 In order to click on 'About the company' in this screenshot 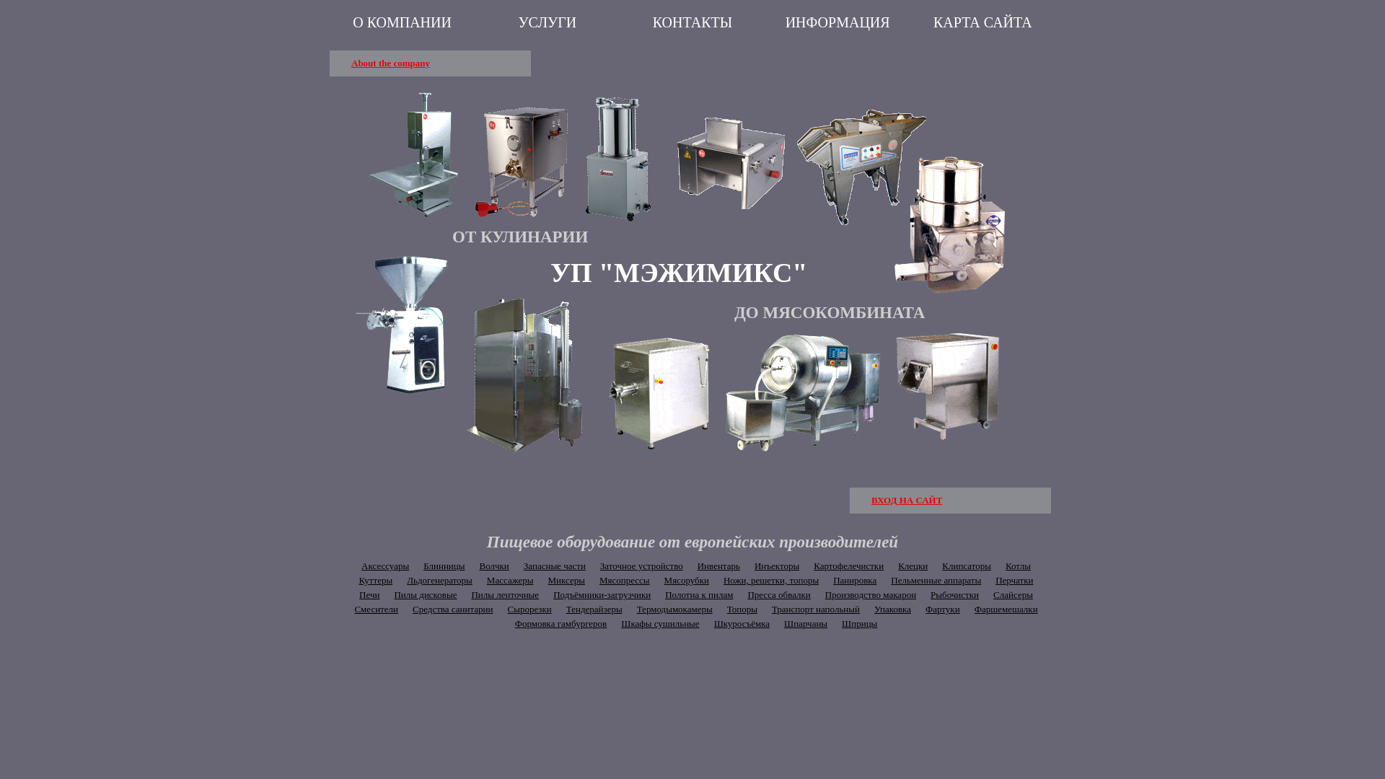, I will do `click(328, 63)`.